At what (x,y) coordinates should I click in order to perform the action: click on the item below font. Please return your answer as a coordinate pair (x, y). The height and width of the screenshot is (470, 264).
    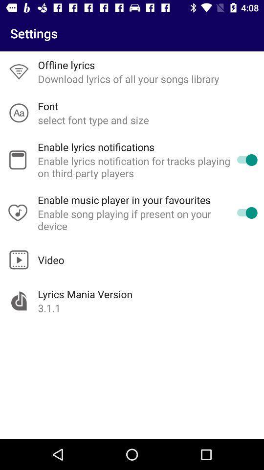
    Looking at the image, I should click on (93, 119).